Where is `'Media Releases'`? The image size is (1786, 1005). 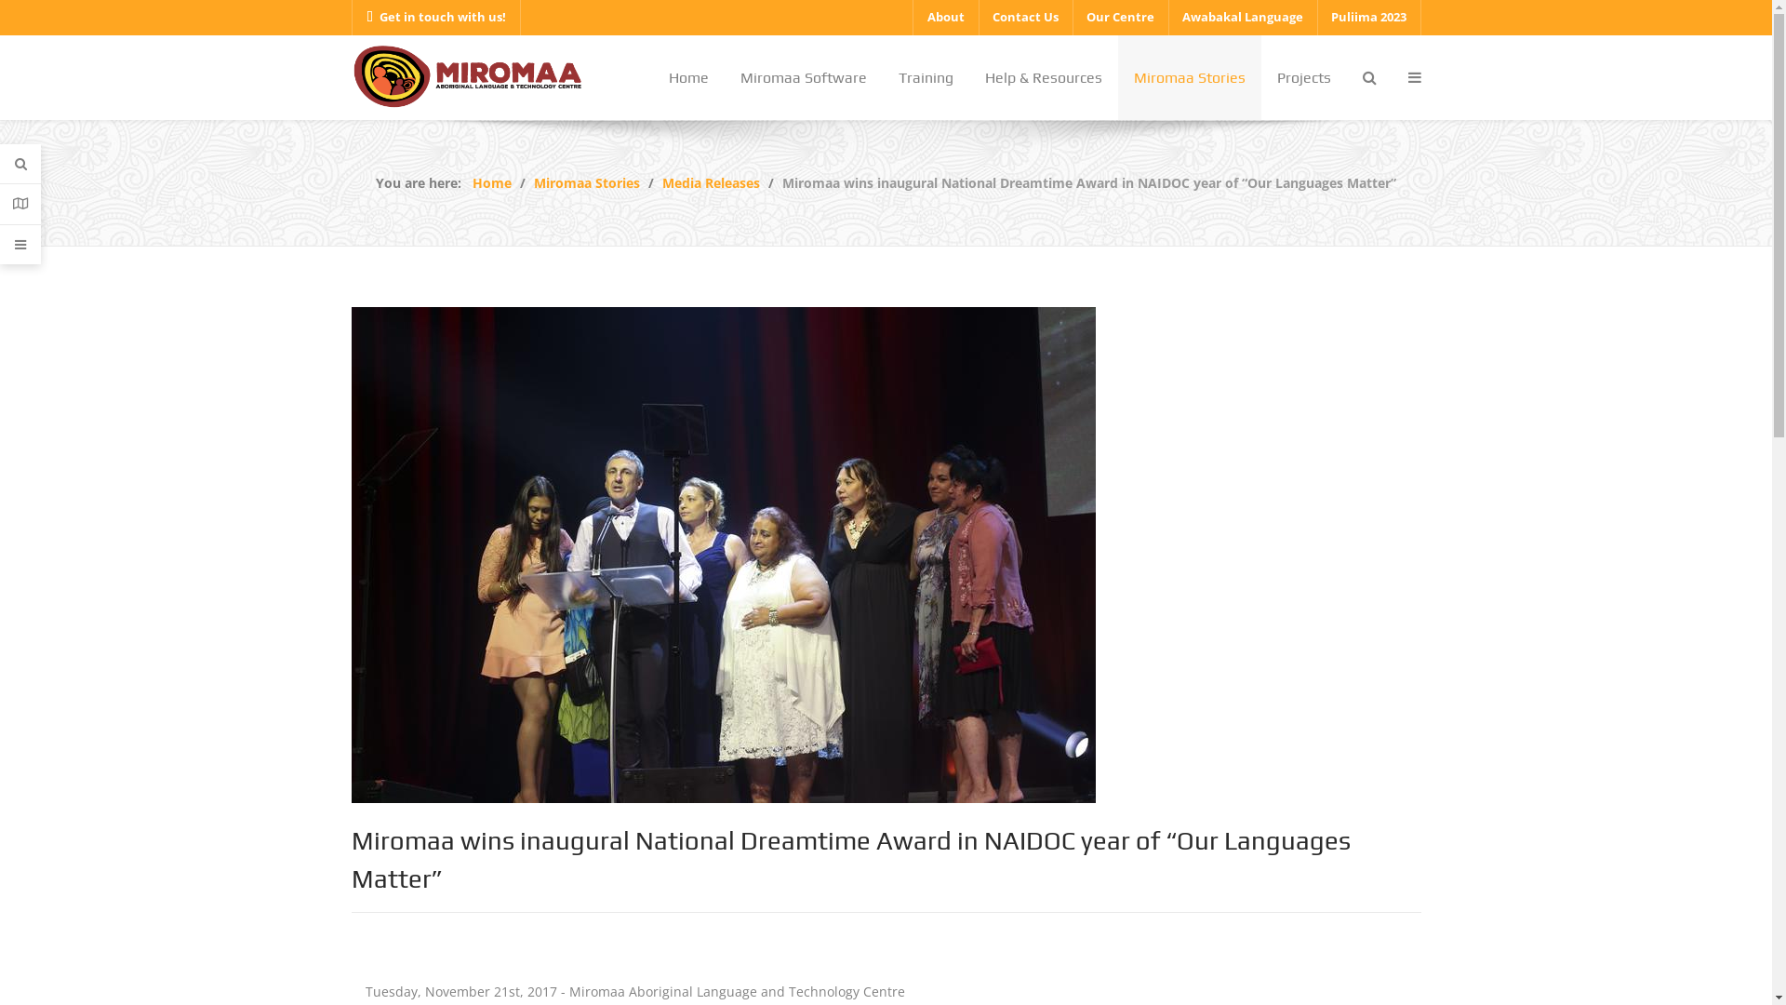 'Media Releases' is located at coordinates (661, 182).